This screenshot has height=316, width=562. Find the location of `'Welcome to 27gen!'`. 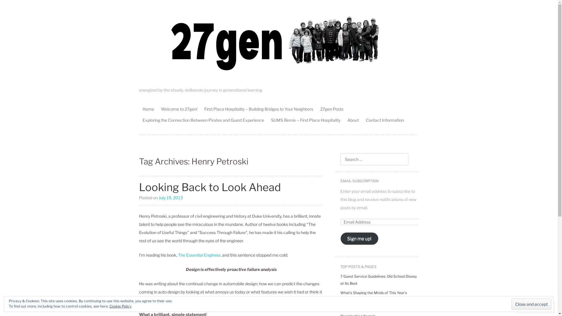

'Welcome to 27gen!' is located at coordinates (179, 109).